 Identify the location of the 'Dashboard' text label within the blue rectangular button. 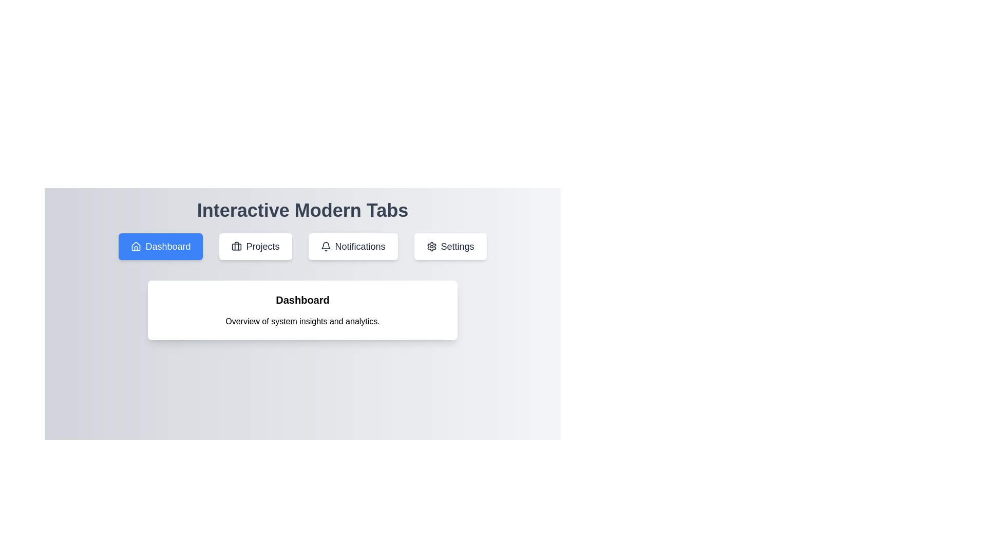
(168, 246).